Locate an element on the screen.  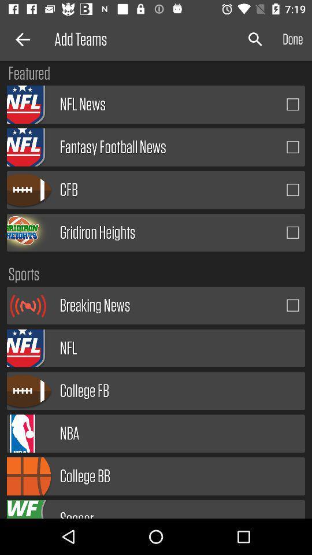
breaking news alerts is located at coordinates (293, 305).